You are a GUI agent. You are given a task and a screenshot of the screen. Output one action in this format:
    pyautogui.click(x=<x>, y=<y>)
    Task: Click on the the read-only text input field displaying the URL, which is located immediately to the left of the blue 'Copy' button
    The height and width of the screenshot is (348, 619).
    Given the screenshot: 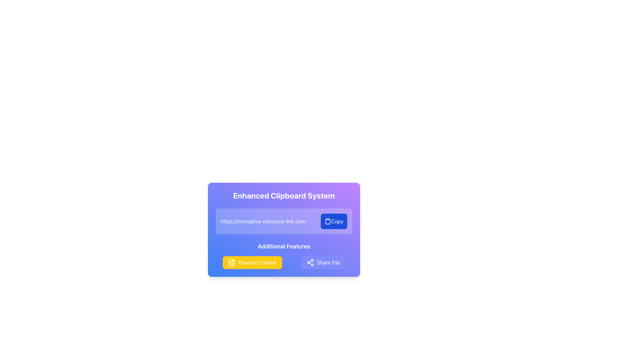 What is the action you would take?
    pyautogui.click(x=268, y=221)
    